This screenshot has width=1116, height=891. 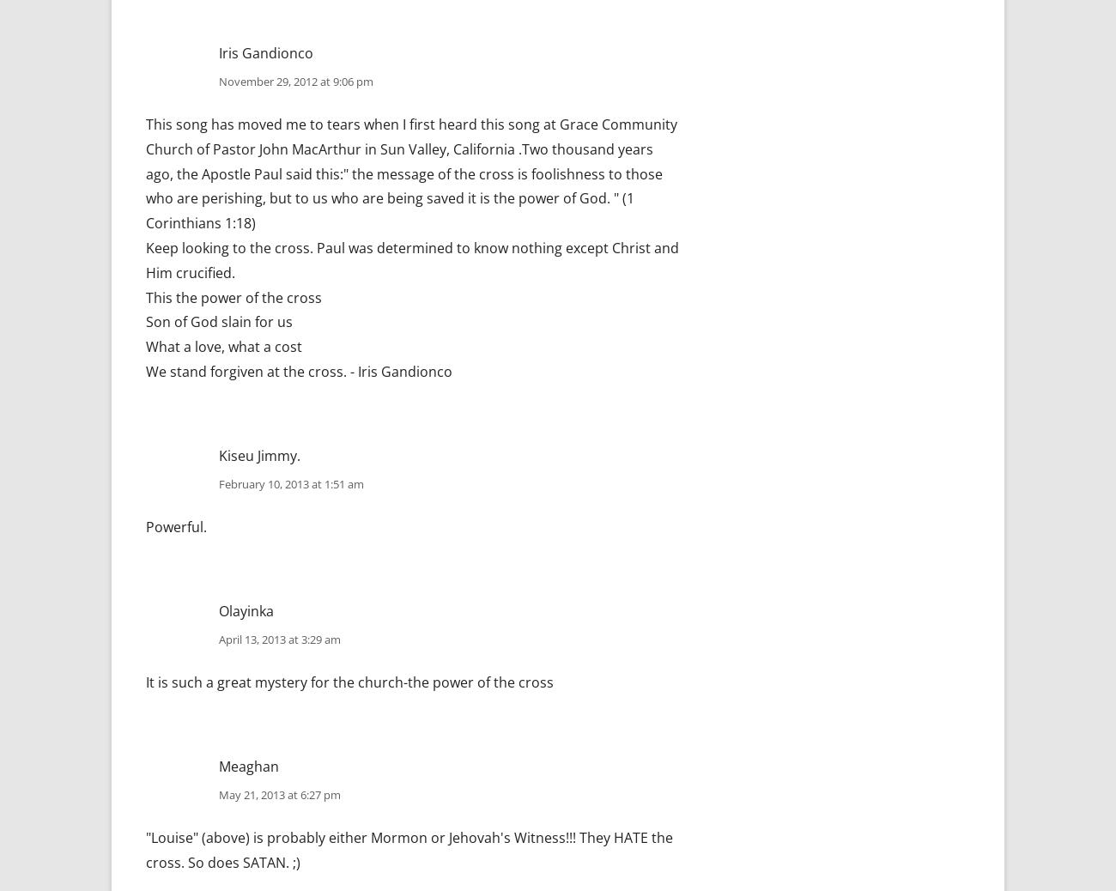 What do you see at coordinates (246, 609) in the screenshot?
I see `'Olayinka'` at bounding box center [246, 609].